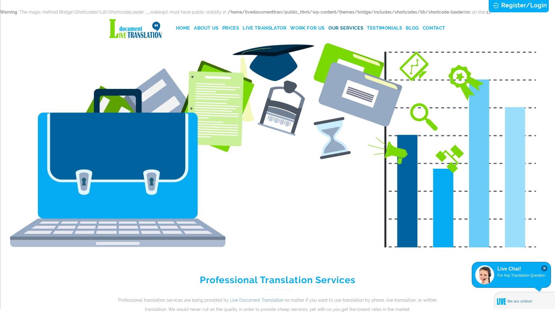 The height and width of the screenshot is (314, 555). What do you see at coordinates (290, 304) in the screenshot?
I see `'no matter if you want to use translation by phone, live translation, or written translation. We would never cut on the quality in order to provide cheap services, yet with us you get the lowest rates in the market.'` at bounding box center [290, 304].